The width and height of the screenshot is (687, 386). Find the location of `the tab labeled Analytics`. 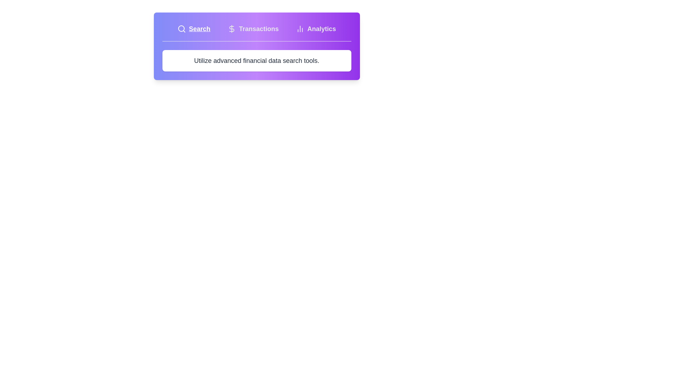

the tab labeled Analytics is located at coordinates (316, 29).